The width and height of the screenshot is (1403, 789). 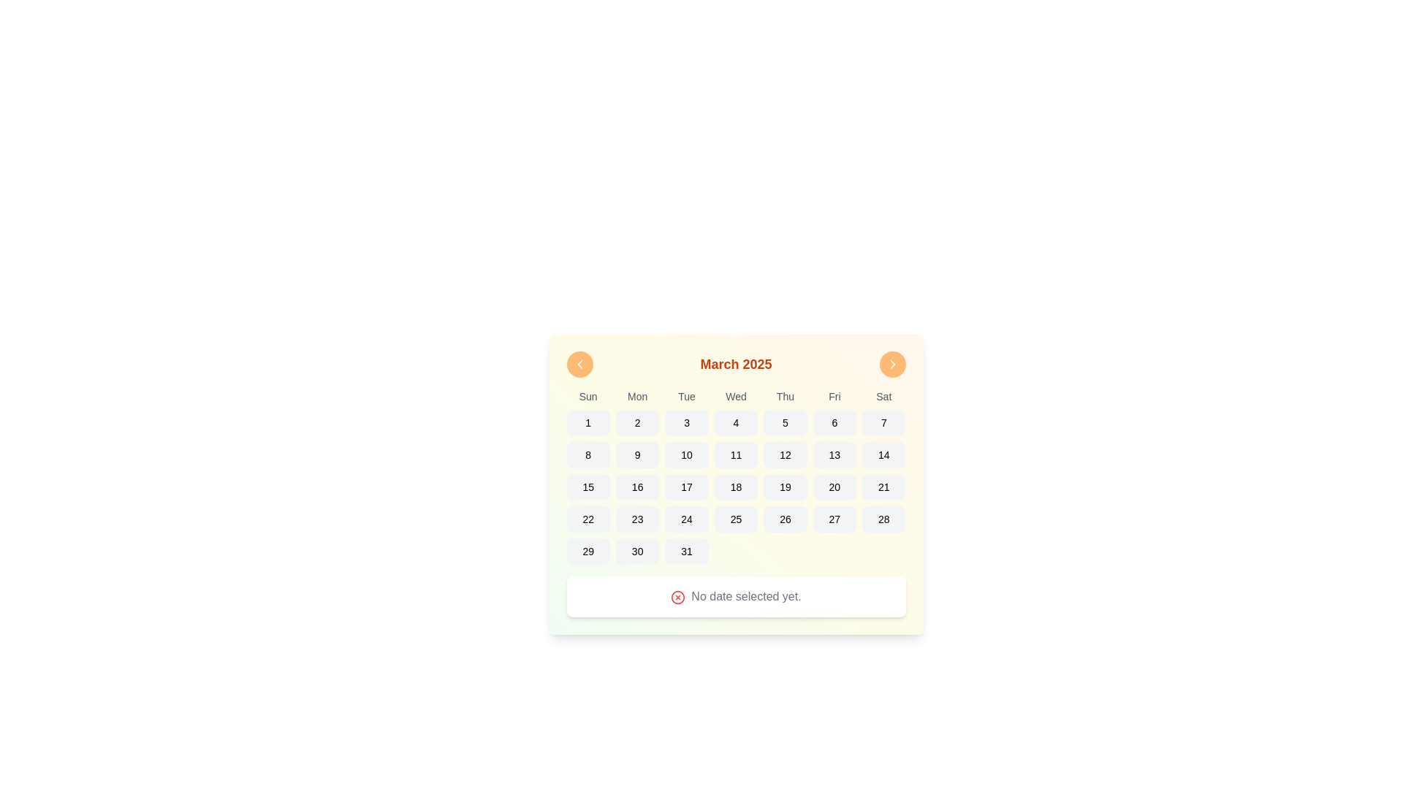 I want to click on the button located at the far right of the header section of the calendar interface, adjacent to the text 'March 2025', so click(x=891, y=363).